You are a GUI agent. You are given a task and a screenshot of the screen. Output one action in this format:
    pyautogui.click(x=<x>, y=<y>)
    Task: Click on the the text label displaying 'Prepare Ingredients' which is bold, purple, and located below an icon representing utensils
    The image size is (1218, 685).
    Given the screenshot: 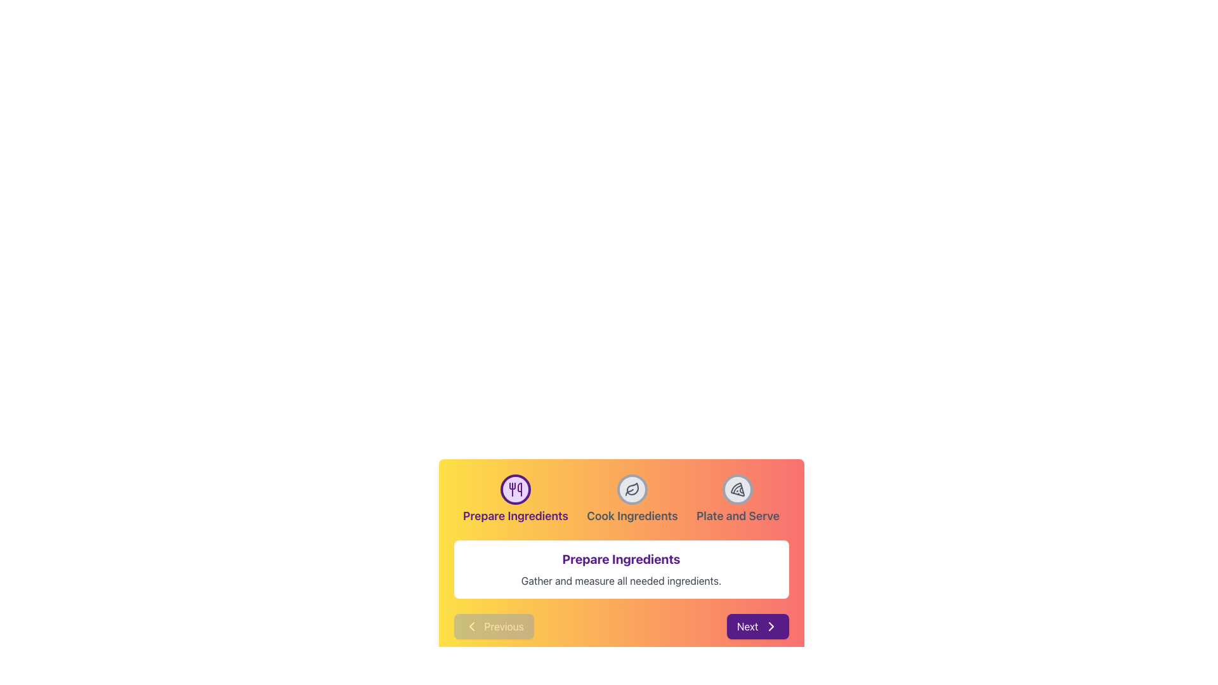 What is the action you would take?
    pyautogui.click(x=516, y=516)
    